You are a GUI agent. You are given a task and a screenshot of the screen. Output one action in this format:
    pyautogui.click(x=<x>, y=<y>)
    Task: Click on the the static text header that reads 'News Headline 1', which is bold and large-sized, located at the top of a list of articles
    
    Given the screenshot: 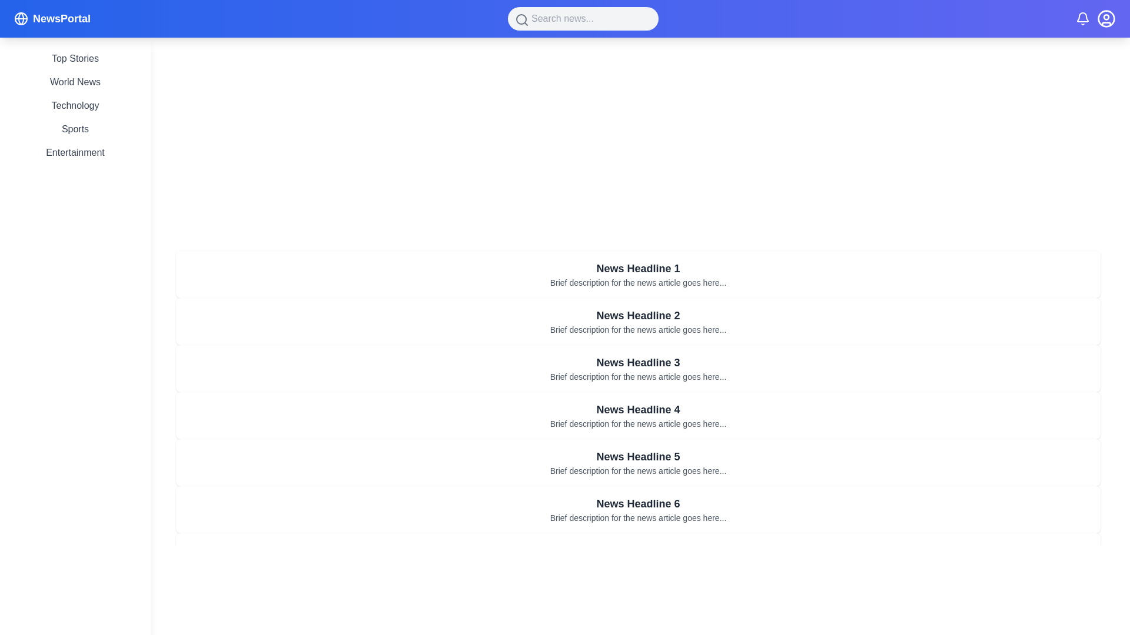 What is the action you would take?
    pyautogui.click(x=637, y=268)
    